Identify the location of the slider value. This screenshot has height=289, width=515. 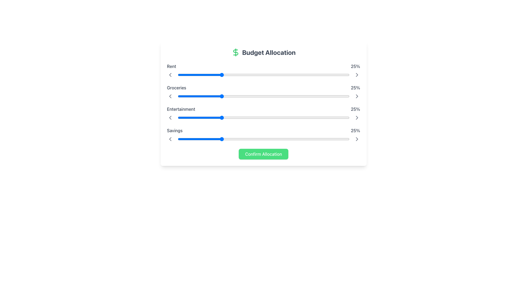
(323, 117).